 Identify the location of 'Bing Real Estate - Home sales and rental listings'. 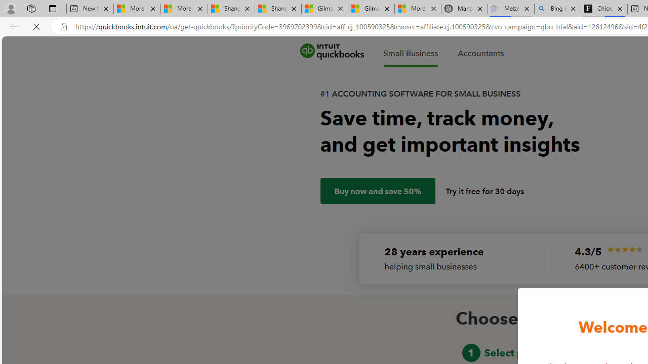
(557, 9).